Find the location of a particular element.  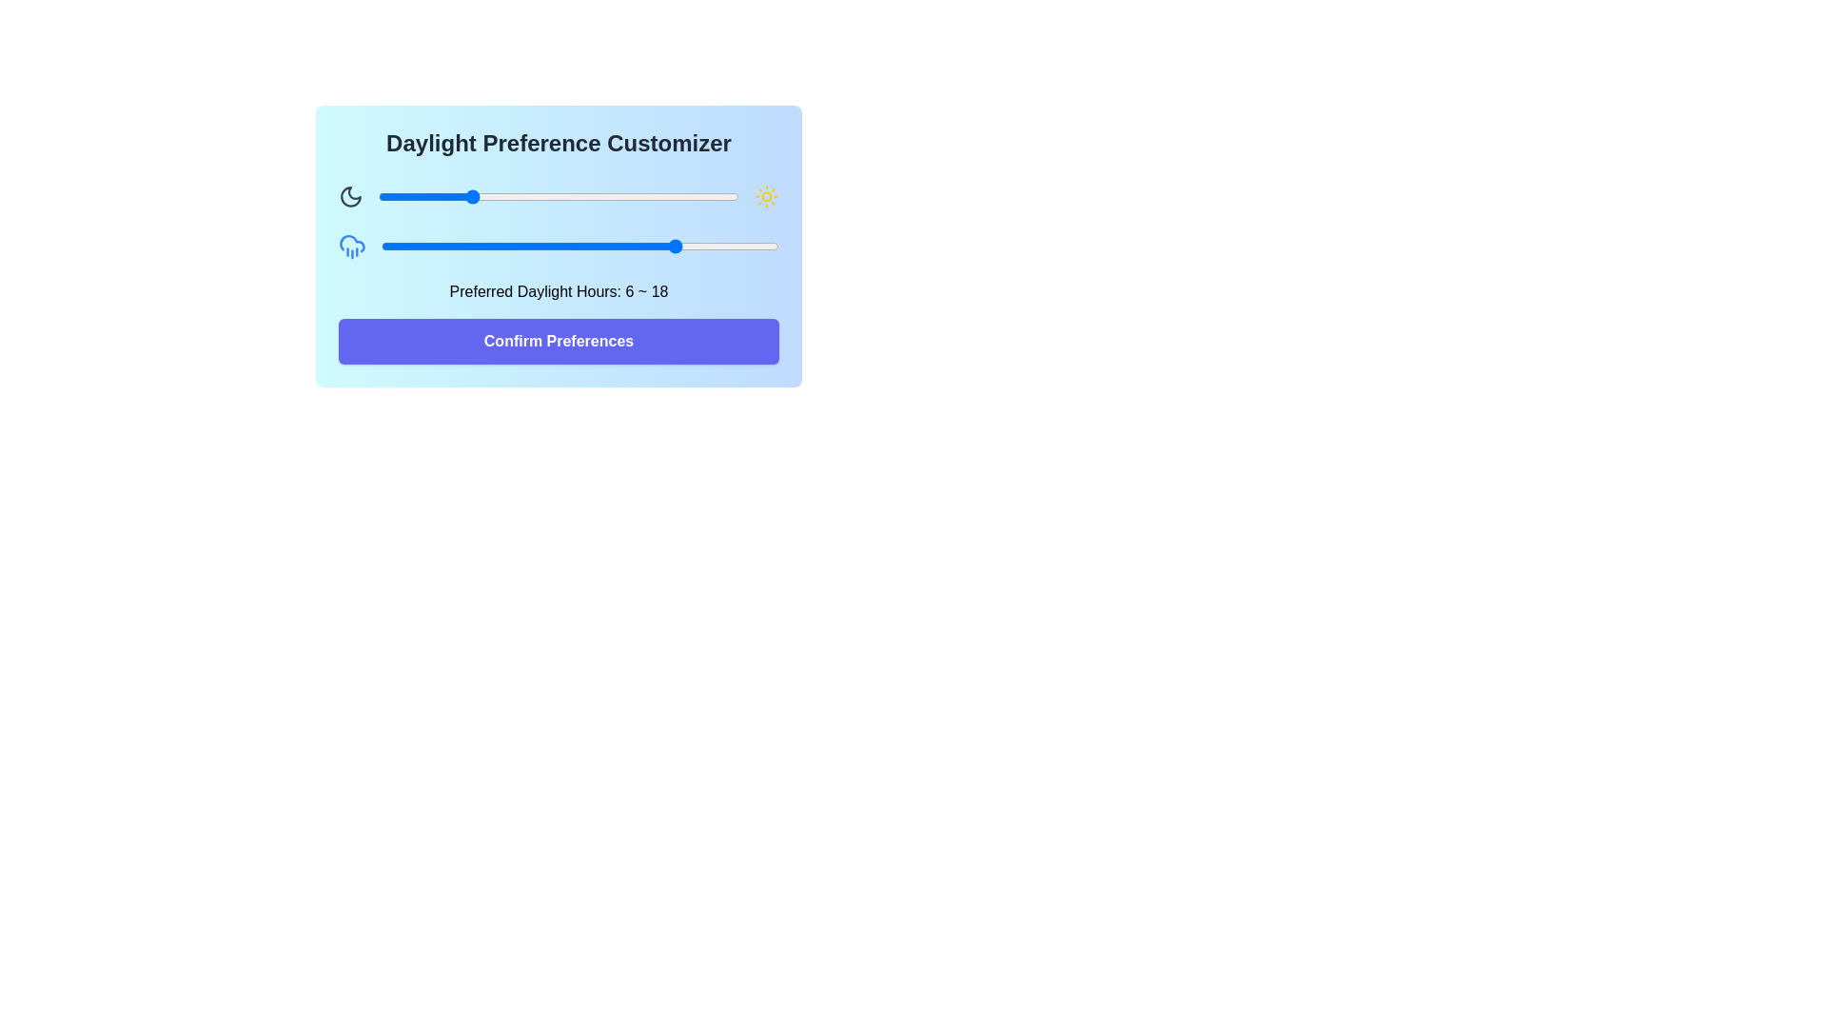

the daylight preference is located at coordinates (646, 245).